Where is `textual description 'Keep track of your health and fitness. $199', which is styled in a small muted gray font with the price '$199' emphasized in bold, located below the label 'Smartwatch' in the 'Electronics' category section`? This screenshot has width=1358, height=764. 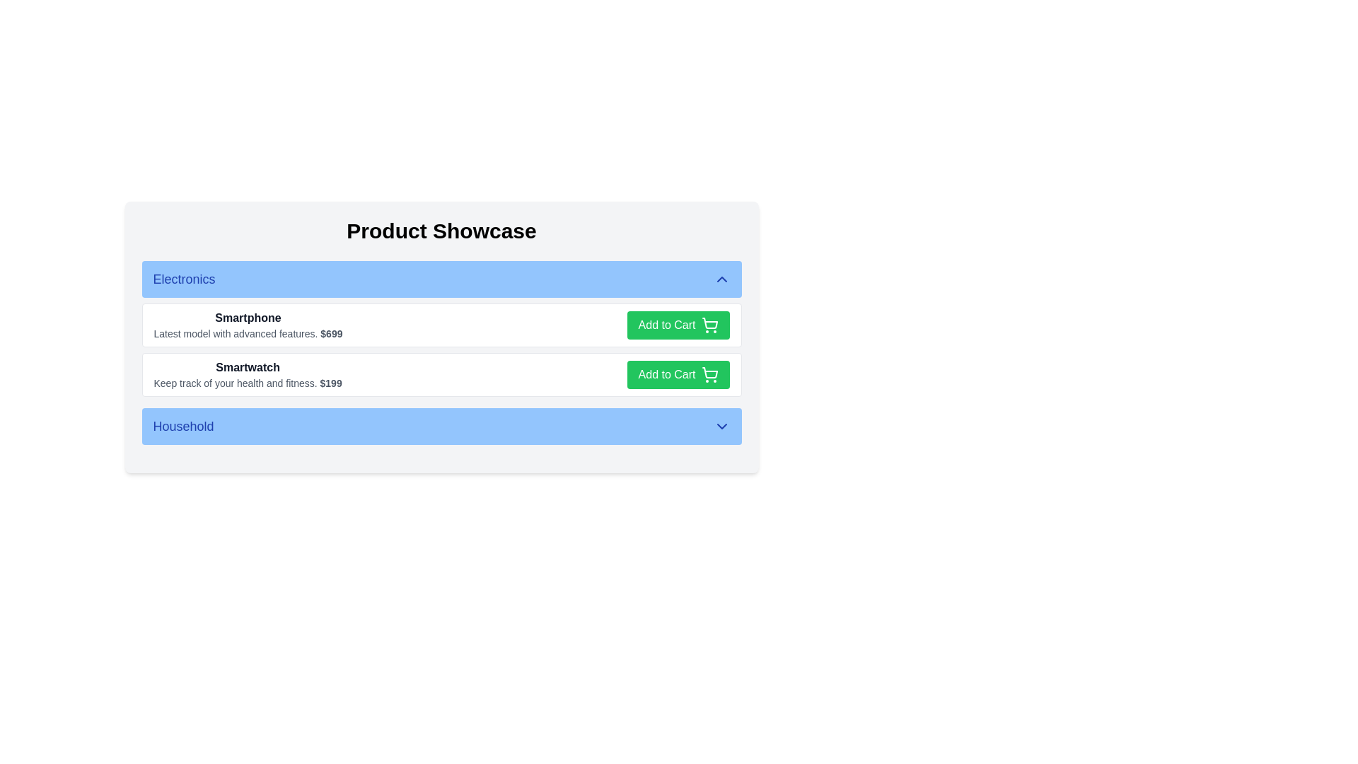
textual description 'Keep track of your health and fitness. $199', which is styled in a small muted gray font with the price '$199' emphasized in bold, located below the label 'Smartwatch' in the 'Electronics' category section is located at coordinates (248, 383).